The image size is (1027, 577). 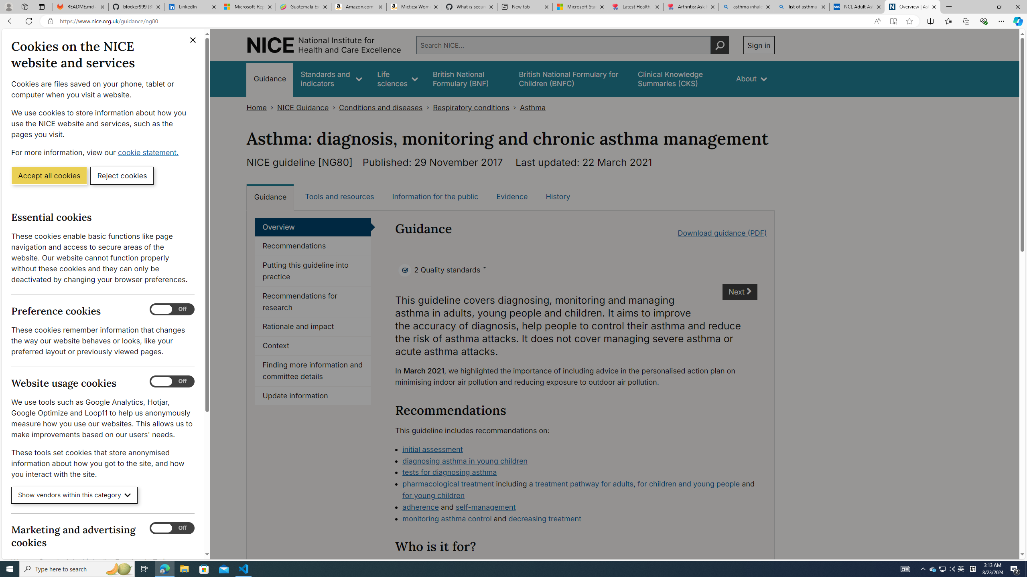 I want to click on 'Perform search', so click(x=719, y=44).